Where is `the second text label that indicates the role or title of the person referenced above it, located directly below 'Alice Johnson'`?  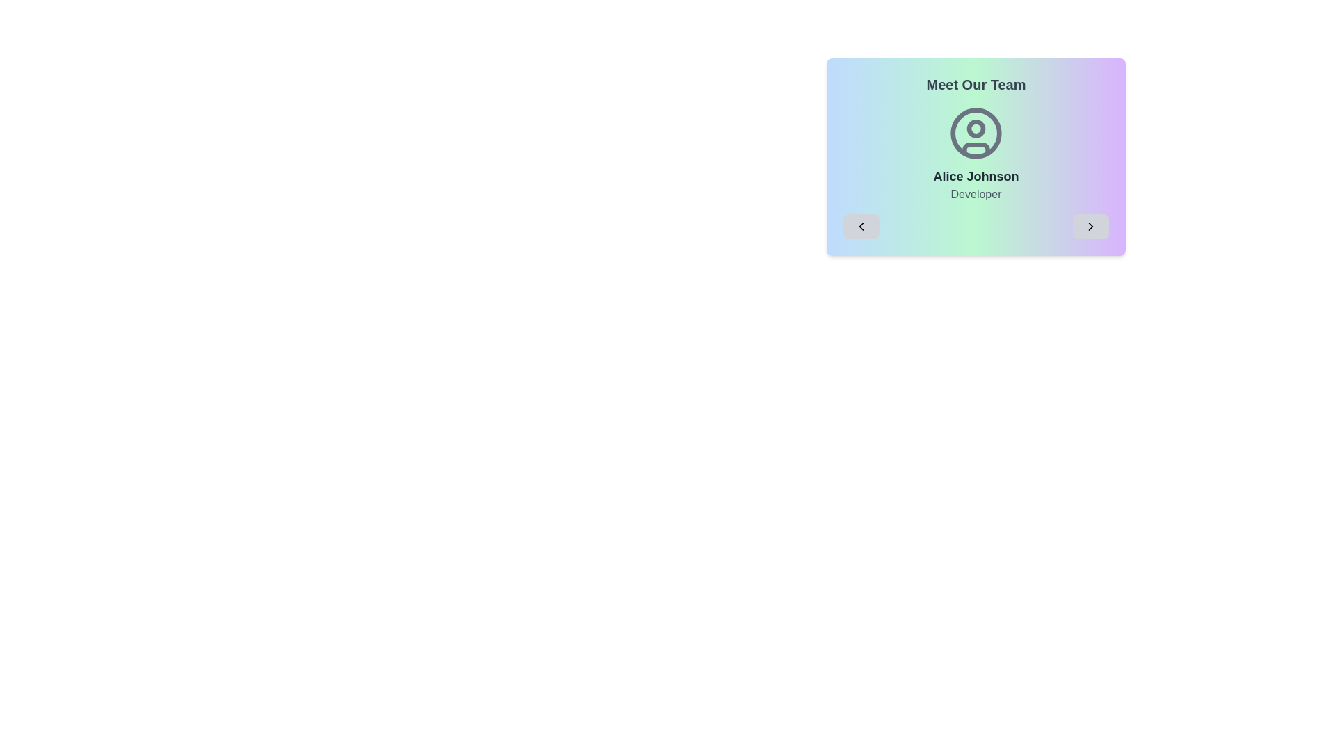
the second text label that indicates the role or title of the person referenced above it, located directly below 'Alice Johnson' is located at coordinates (975, 195).